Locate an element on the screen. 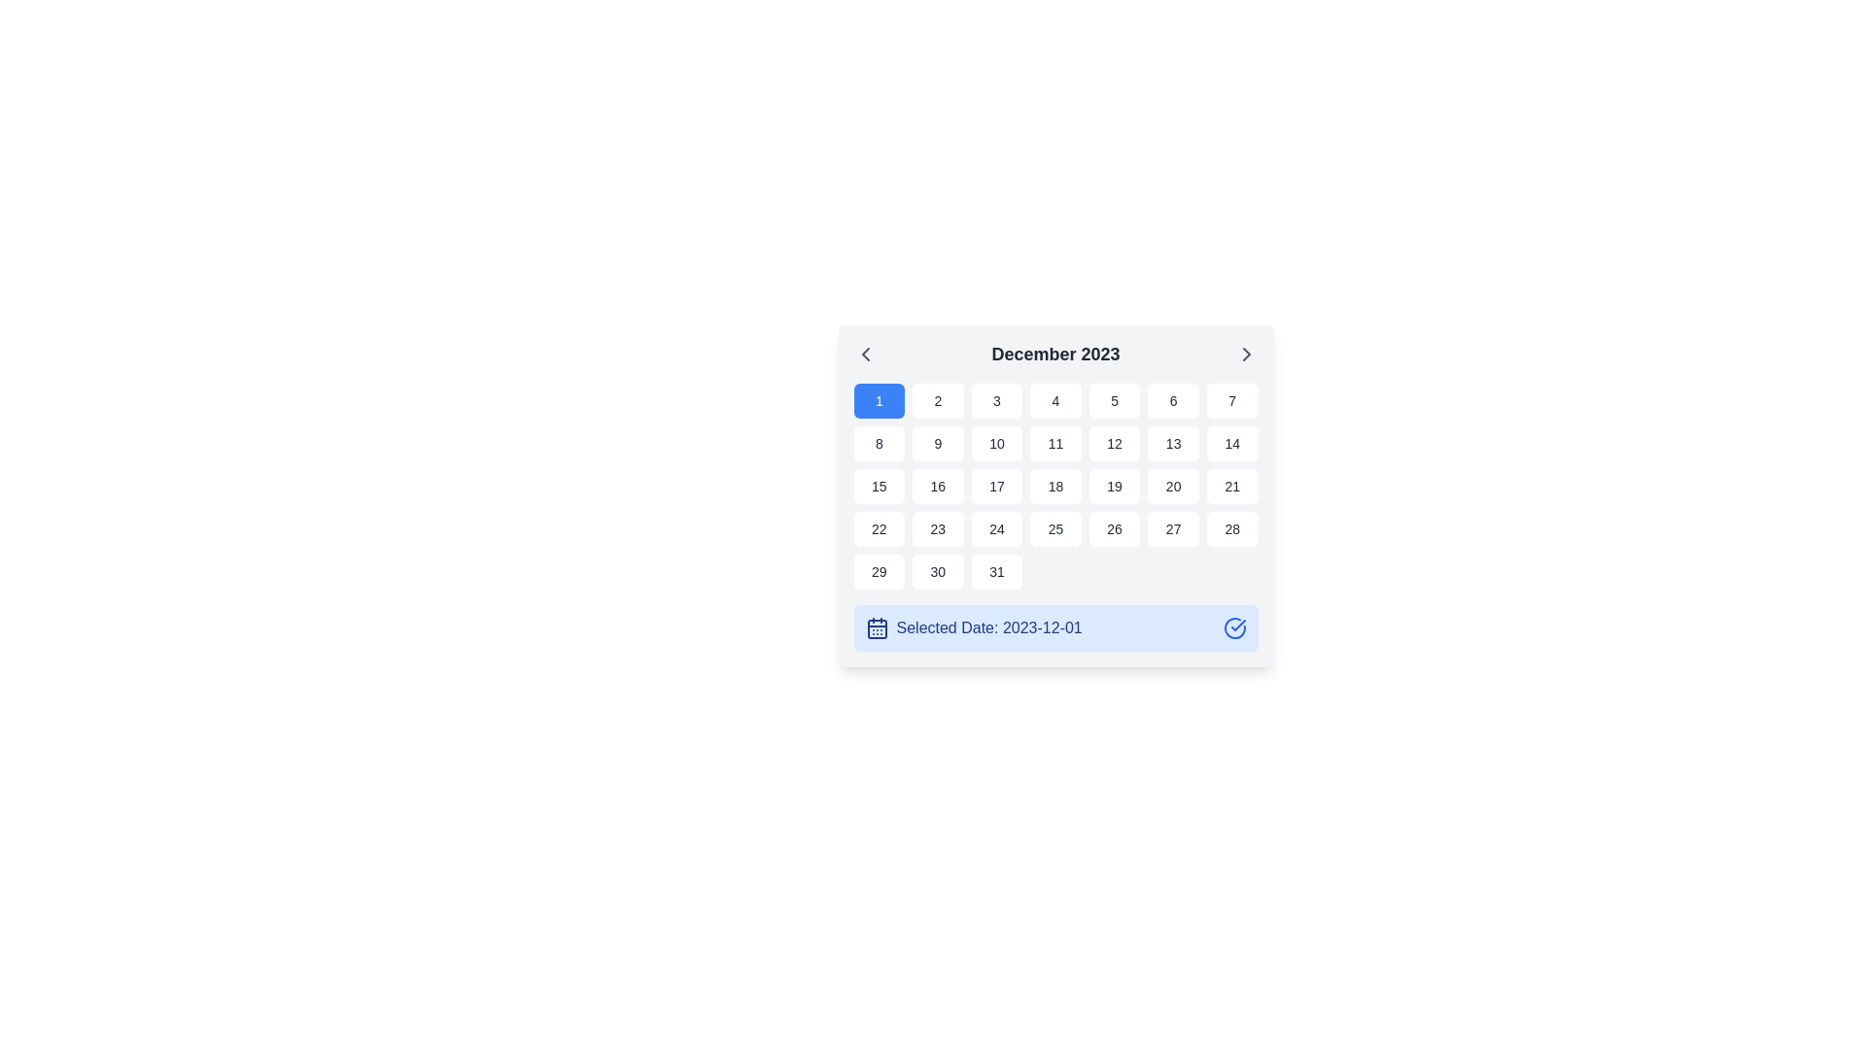 The height and width of the screenshot is (1049, 1866). the leftward-pointing chevron icon in the date picker control is located at coordinates (864, 355).